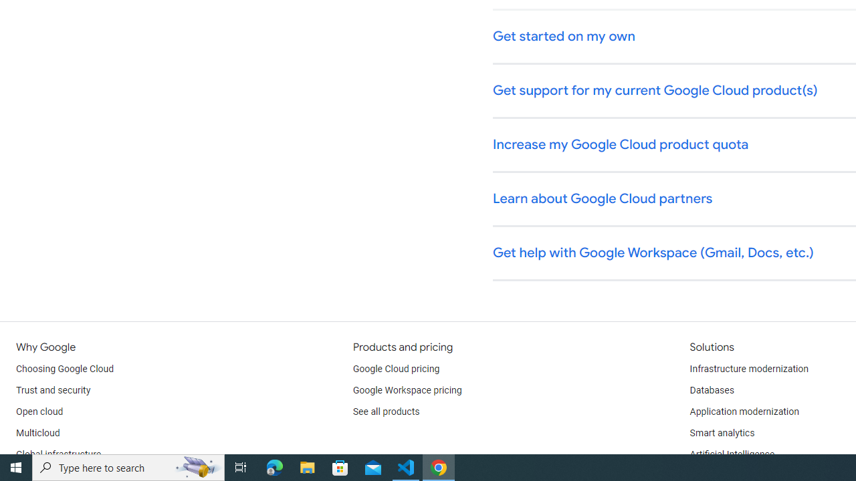  Describe the element at coordinates (395, 369) in the screenshot. I see `'Google Cloud pricing'` at that location.